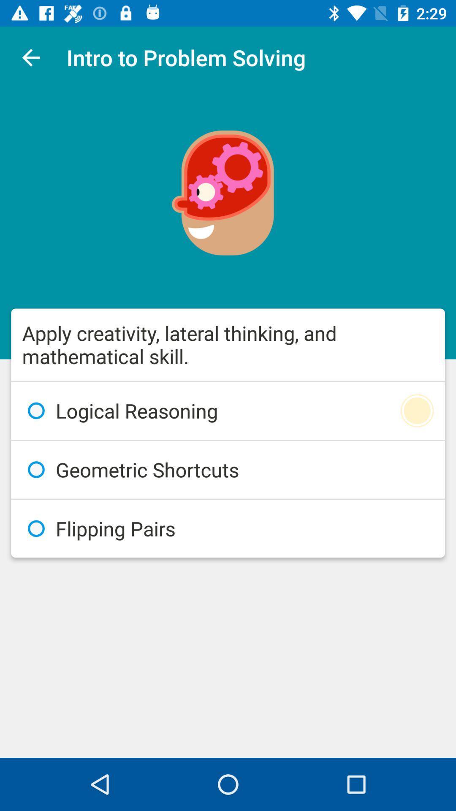 The width and height of the screenshot is (456, 811). Describe the element at coordinates (30, 57) in the screenshot. I see `icon above the apply creativity lateral item` at that location.